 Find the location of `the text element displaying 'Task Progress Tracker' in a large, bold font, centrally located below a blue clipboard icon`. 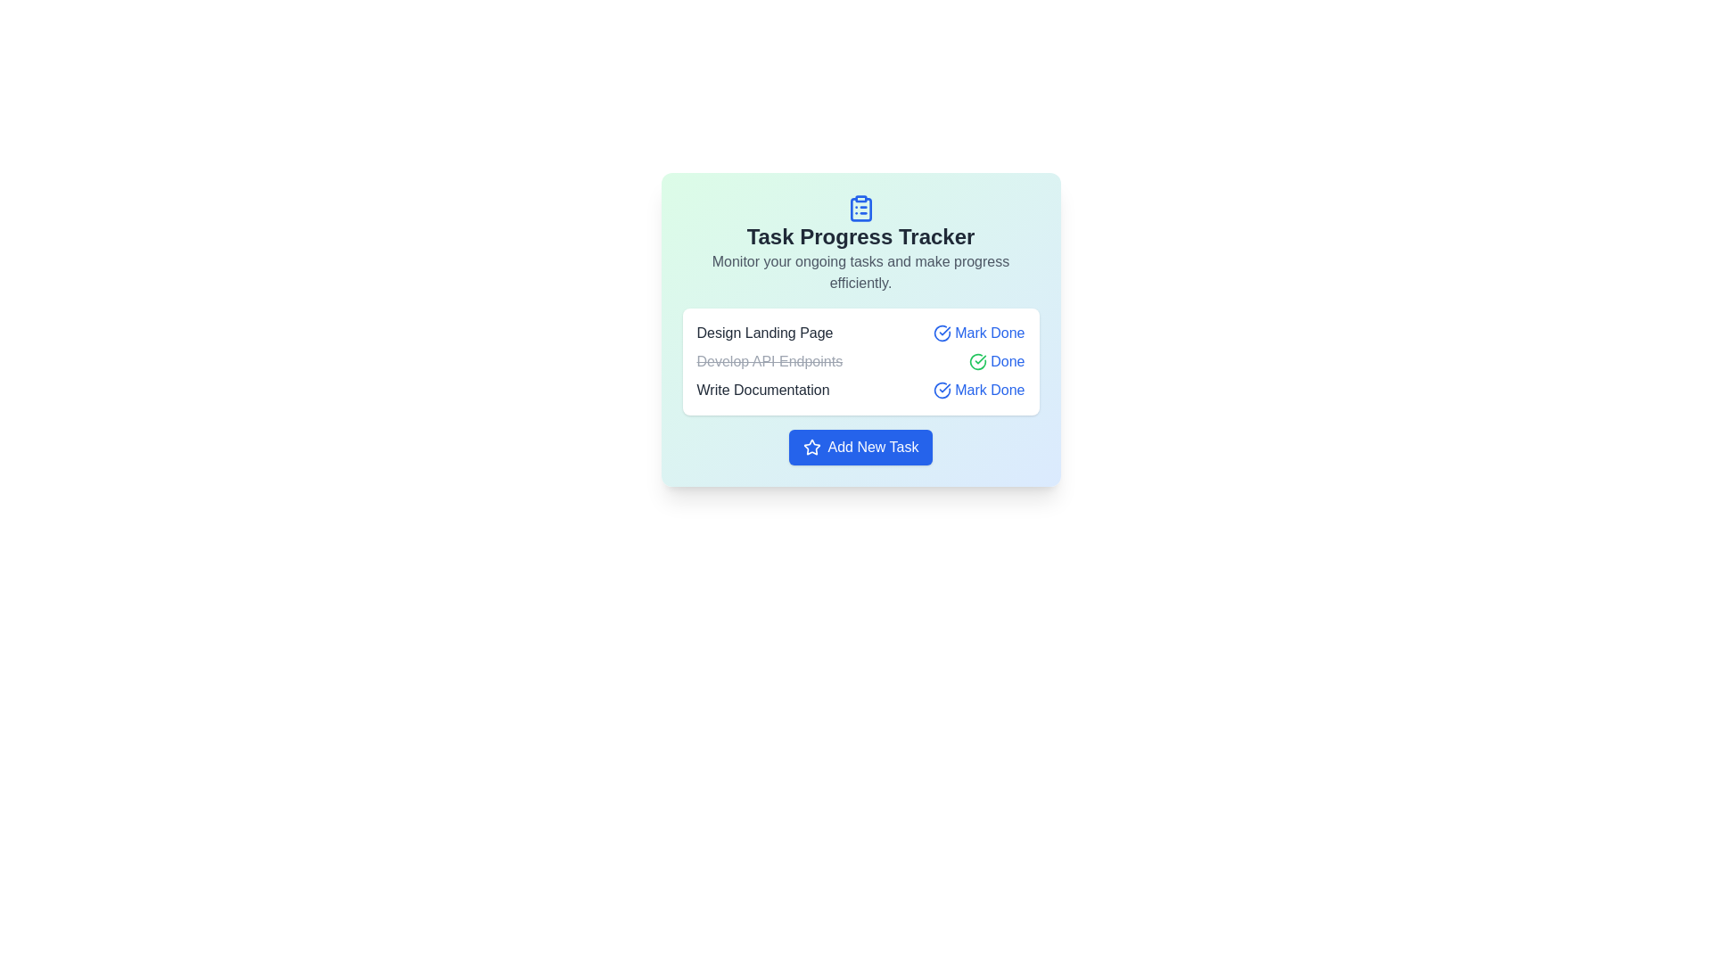

the text element displaying 'Task Progress Tracker' in a large, bold font, centrally located below a blue clipboard icon is located at coordinates (860, 236).